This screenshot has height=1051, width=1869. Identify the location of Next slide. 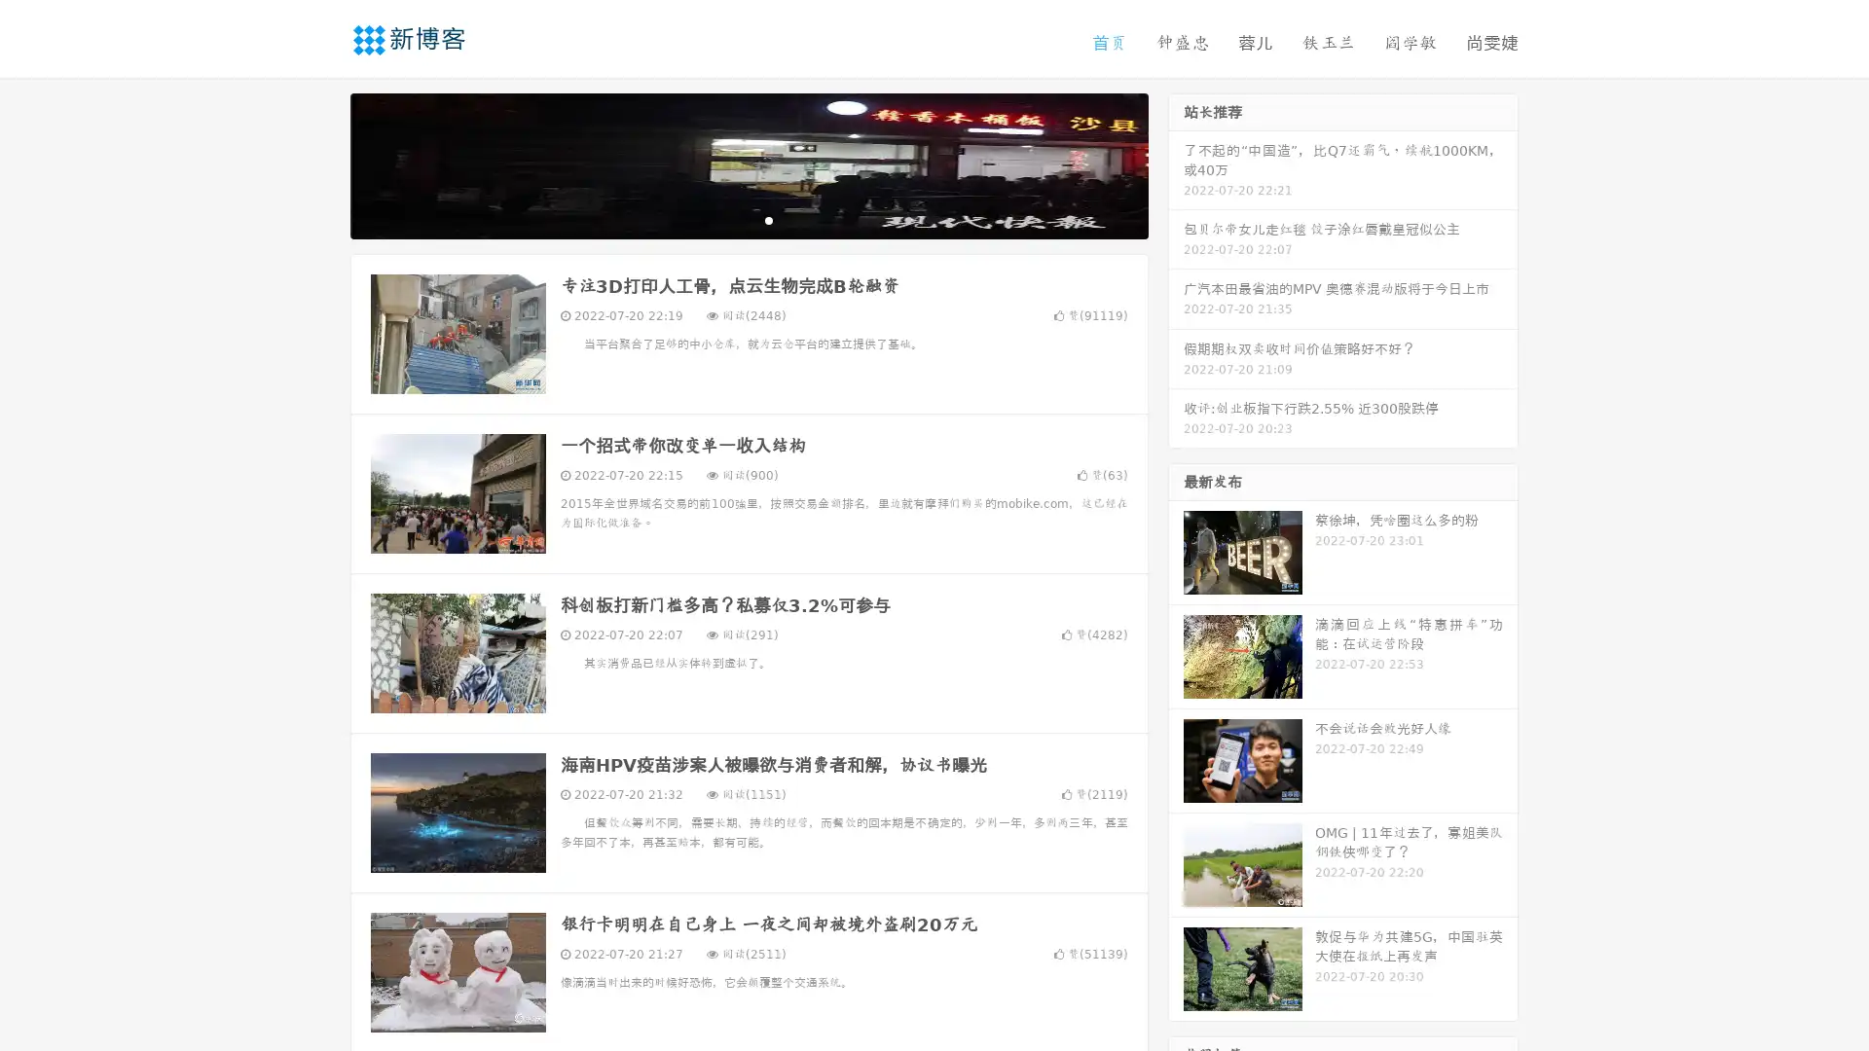
(1176, 163).